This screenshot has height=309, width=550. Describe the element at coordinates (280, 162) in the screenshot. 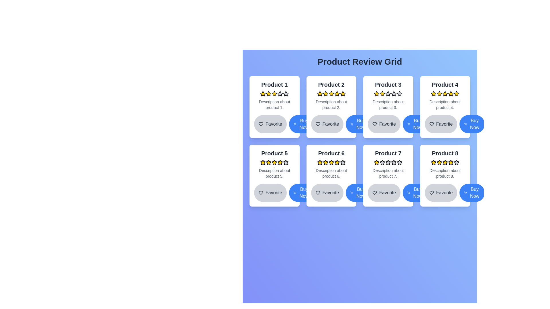

I see `the second star icon from the left in the star rating row of the 'Product 5' card, which is visually distinct with its yellow color and black outline` at that location.